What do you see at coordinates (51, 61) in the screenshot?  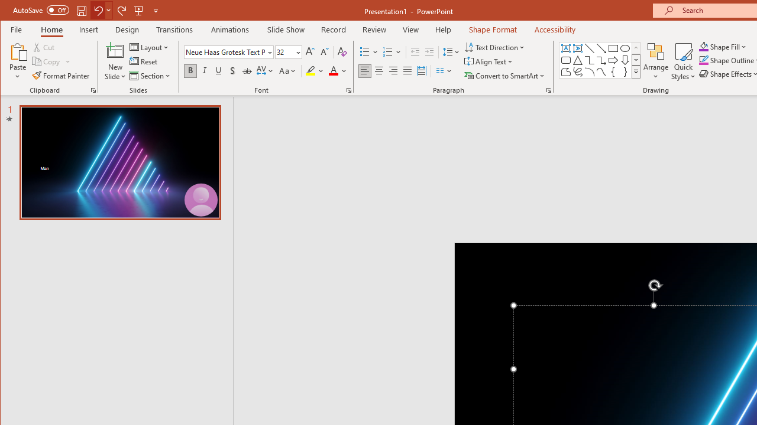 I see `'Copy'` at bounding box center [51, 61].